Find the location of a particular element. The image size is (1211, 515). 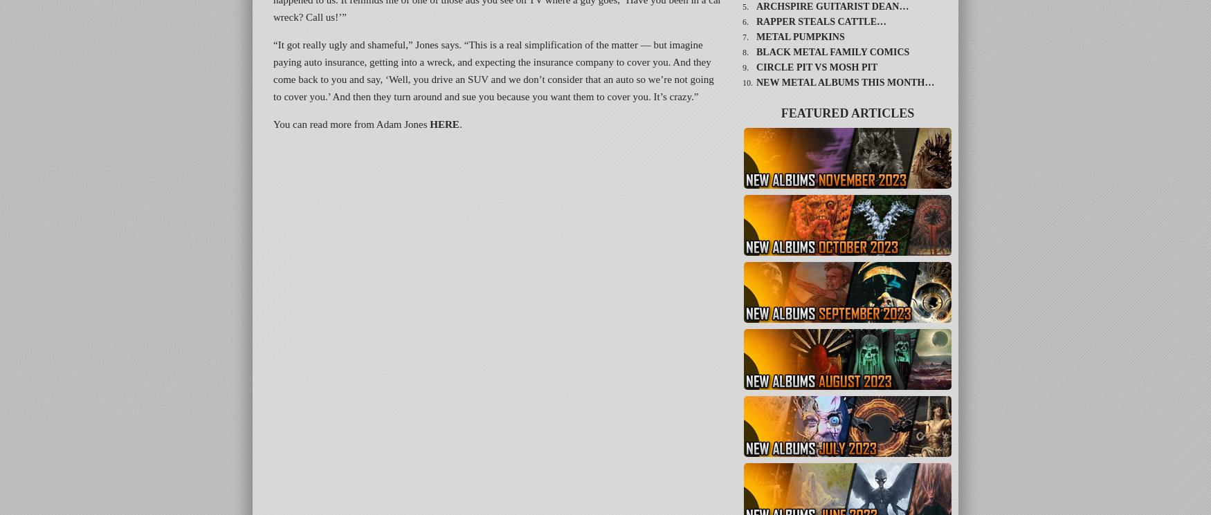

'METAL PUMPKINS' is located at coordinates (799, 36).